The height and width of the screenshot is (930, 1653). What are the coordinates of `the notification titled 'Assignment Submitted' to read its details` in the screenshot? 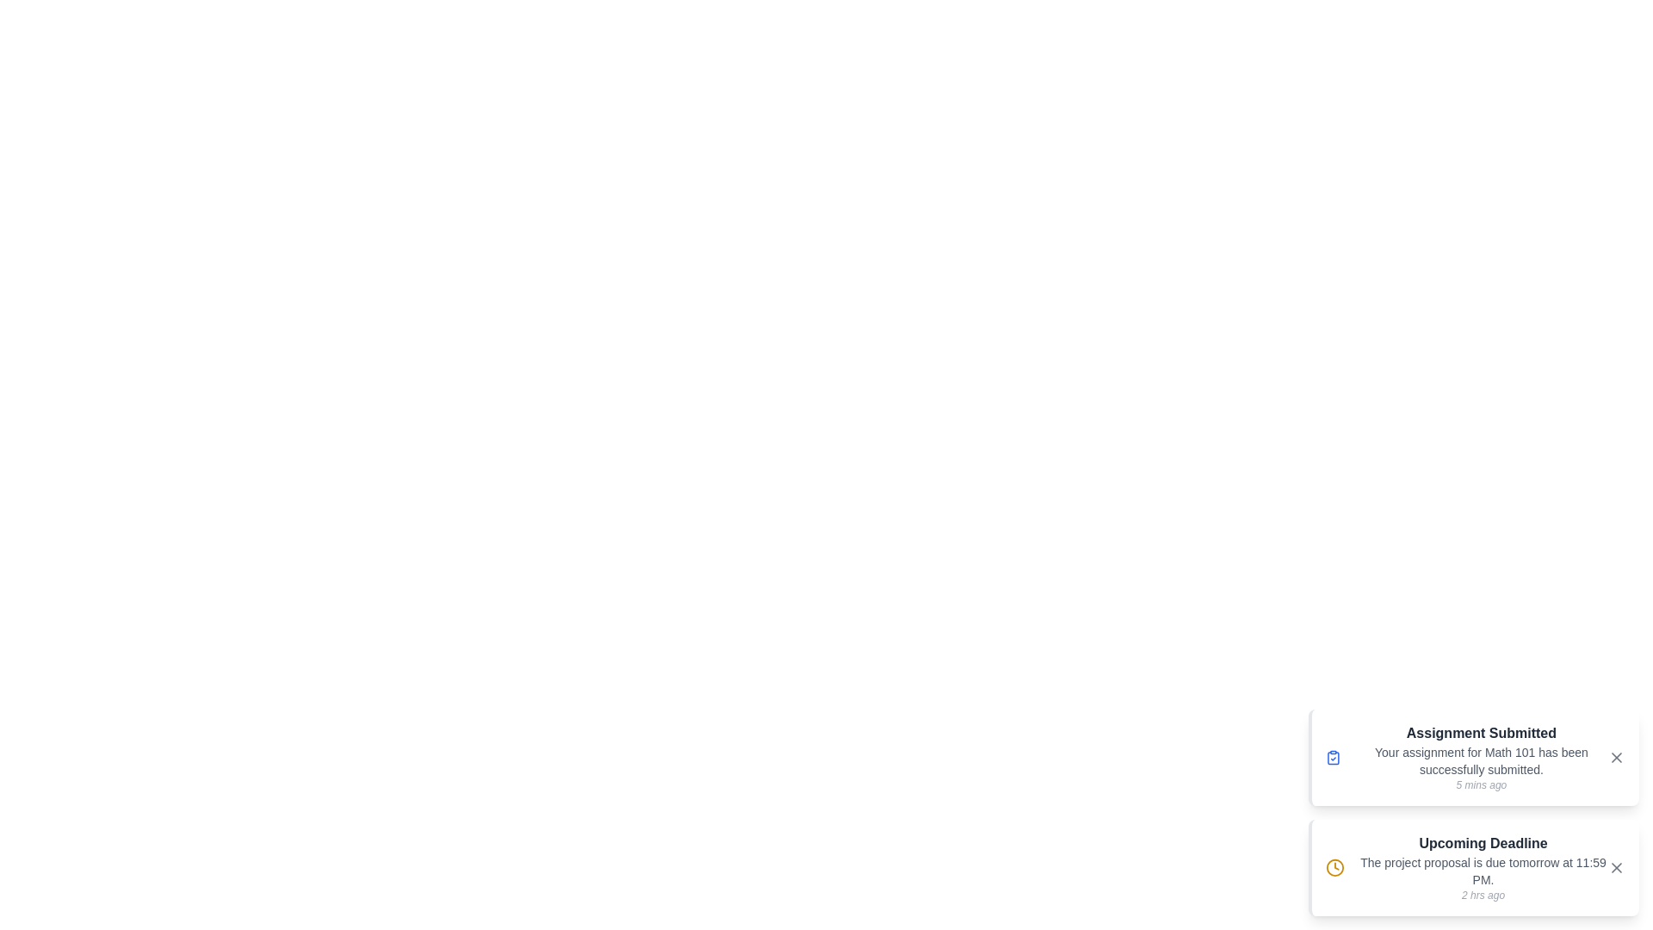 It's located at (1473, 756).